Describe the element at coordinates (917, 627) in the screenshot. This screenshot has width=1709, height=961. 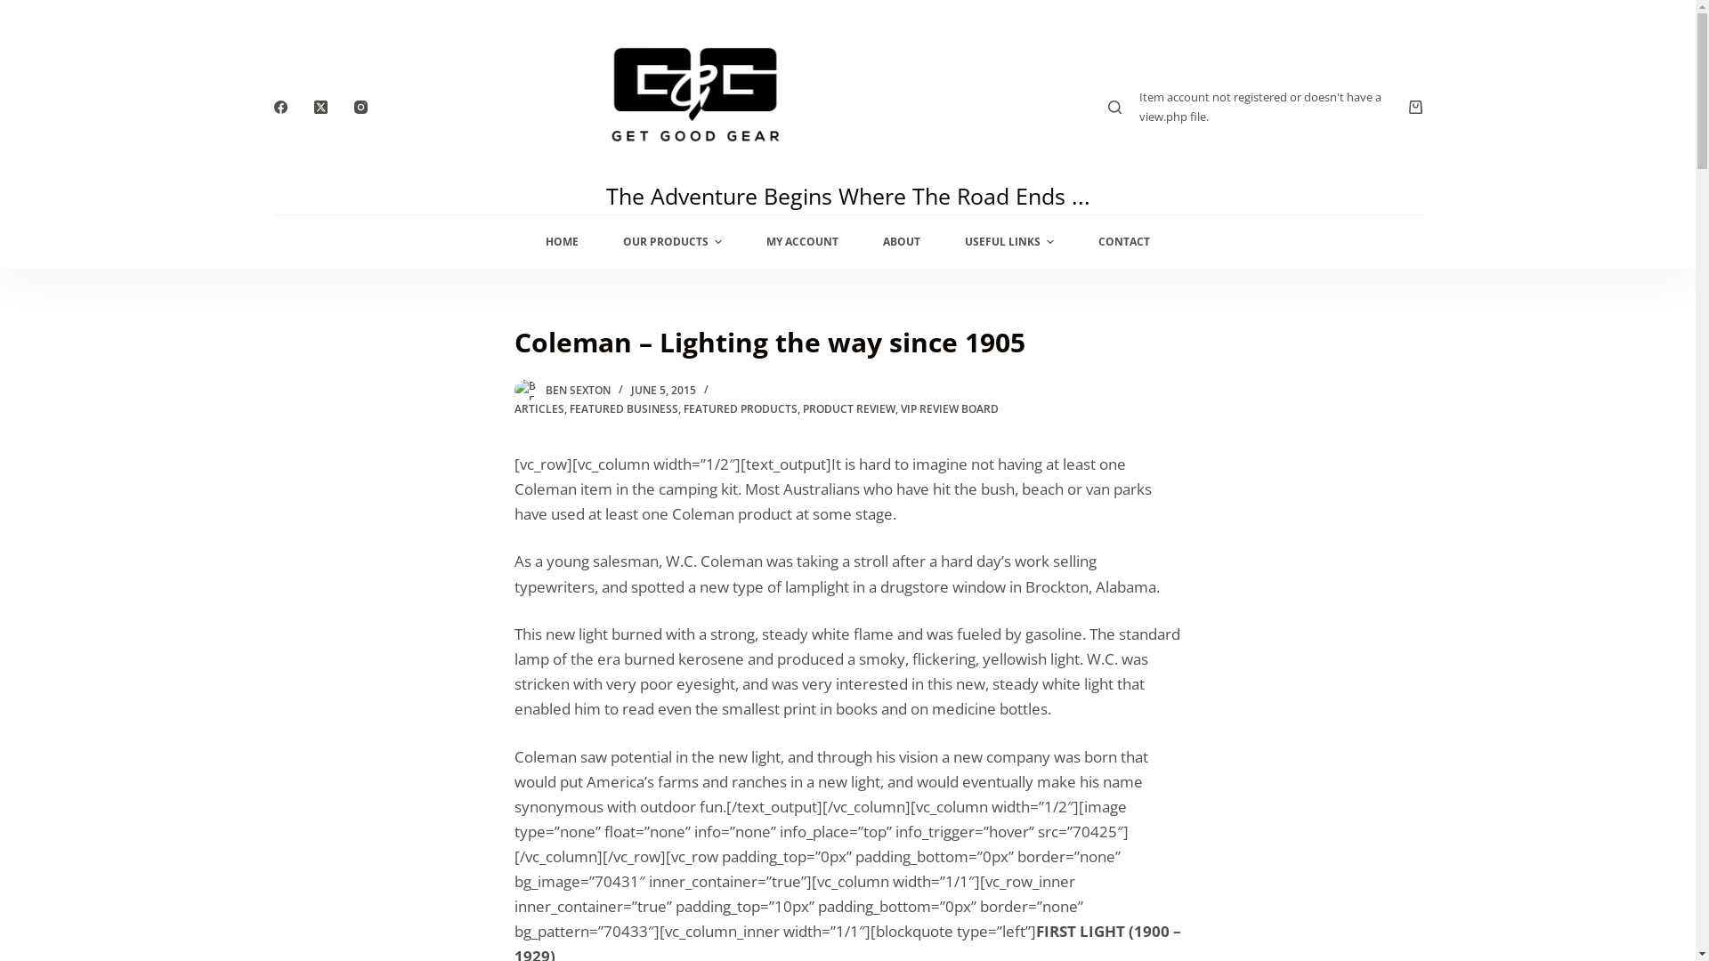
I see `'Privacy Policy'` at that location.